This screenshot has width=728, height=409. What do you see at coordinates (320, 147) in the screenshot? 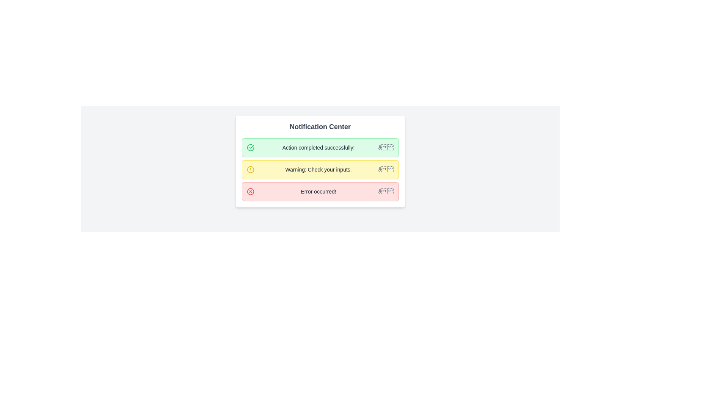
I see `text from the first notification card with a green background, displaying 'Action completed successfully!' in the center` at bounding box center [320, 147].